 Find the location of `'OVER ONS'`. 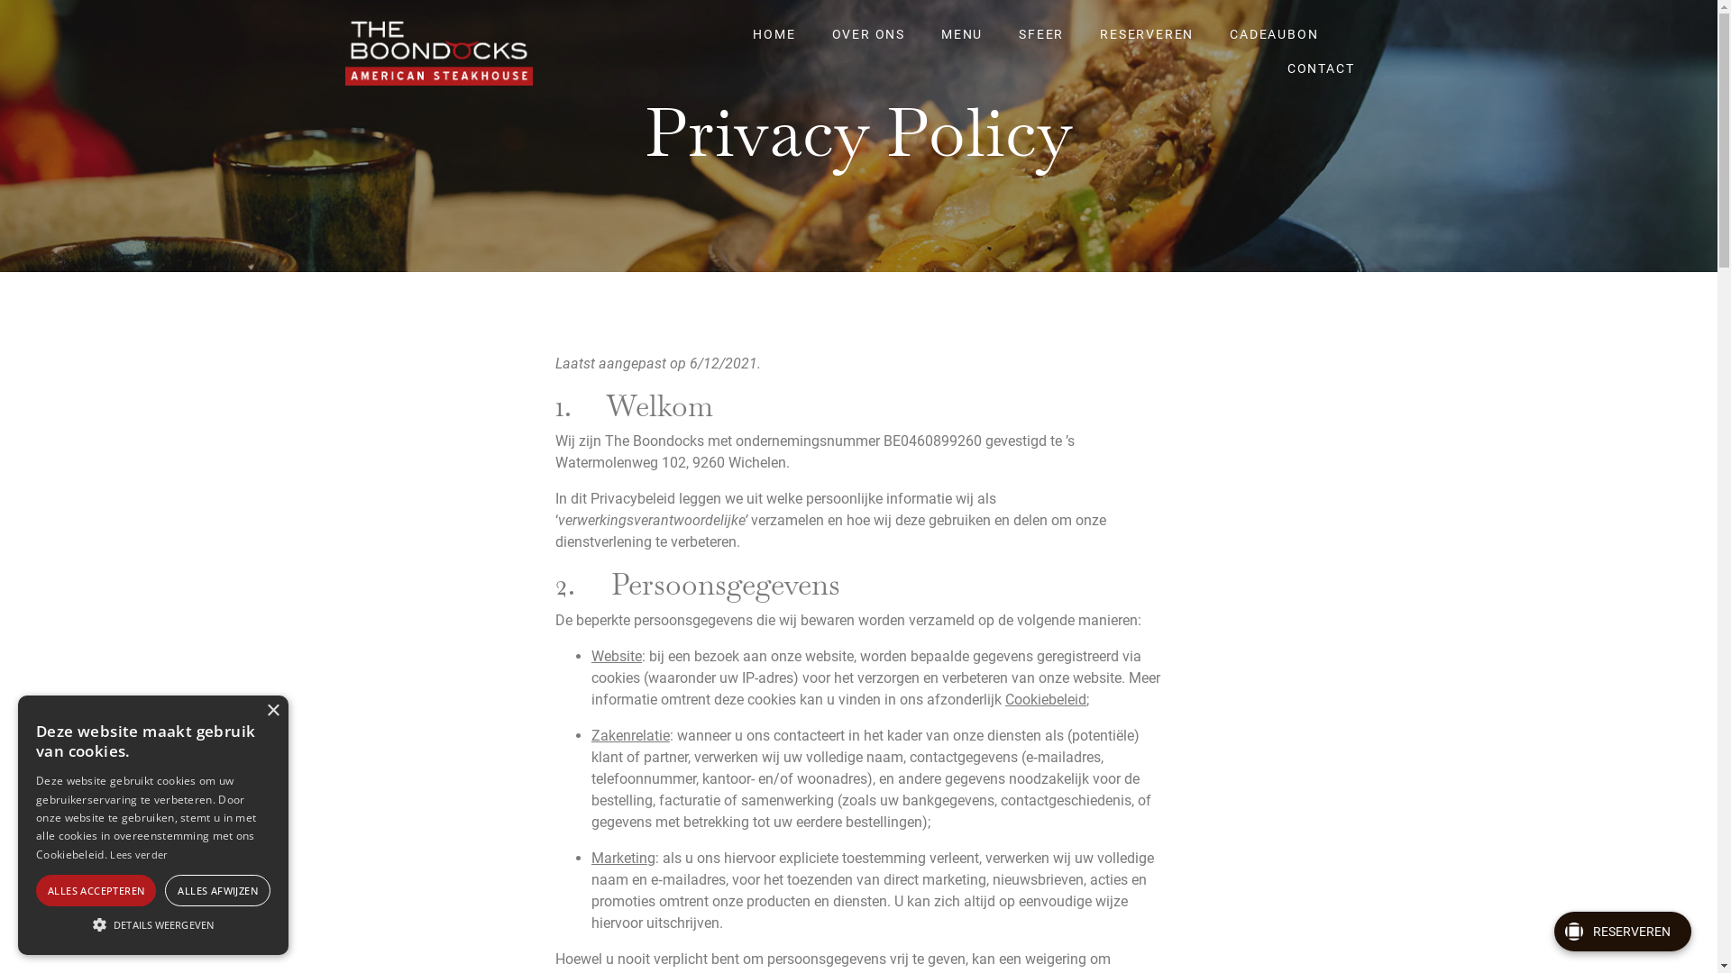

'OVER ONS' is located at coordinates (868, 26).